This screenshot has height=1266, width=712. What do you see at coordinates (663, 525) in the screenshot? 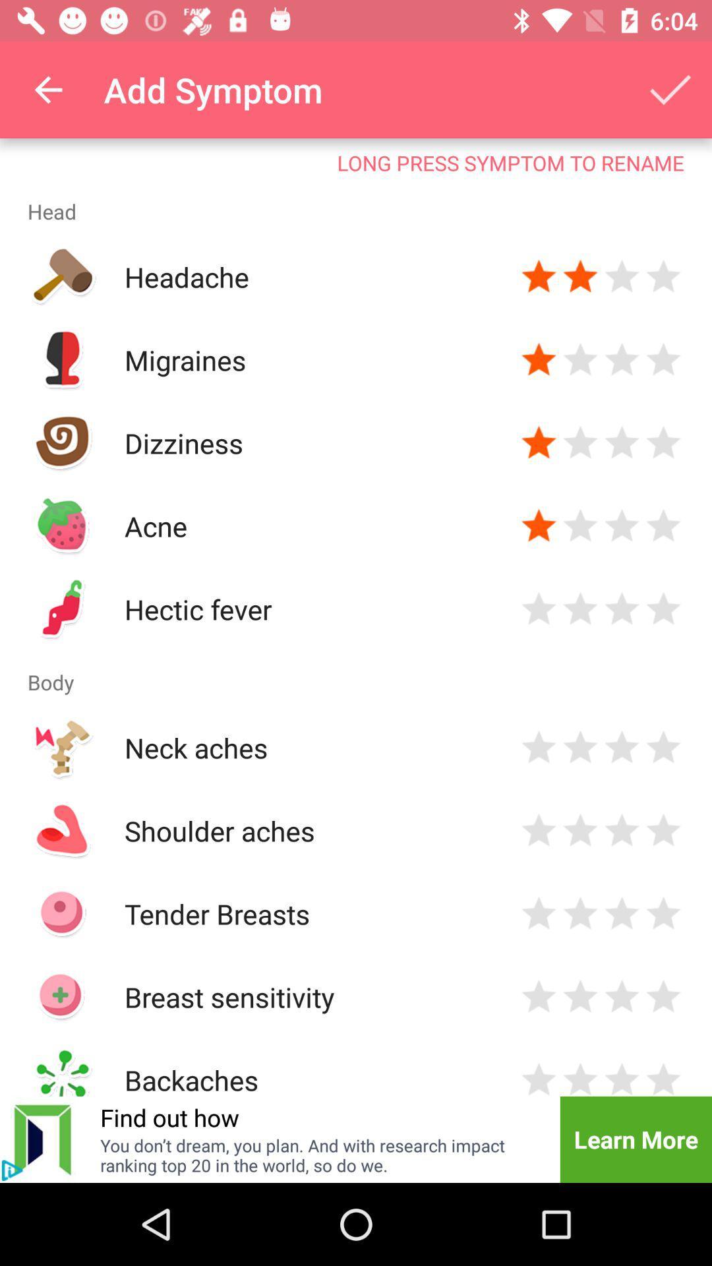
I see `rate acne 4 stars` at bounding box center [663, 525].